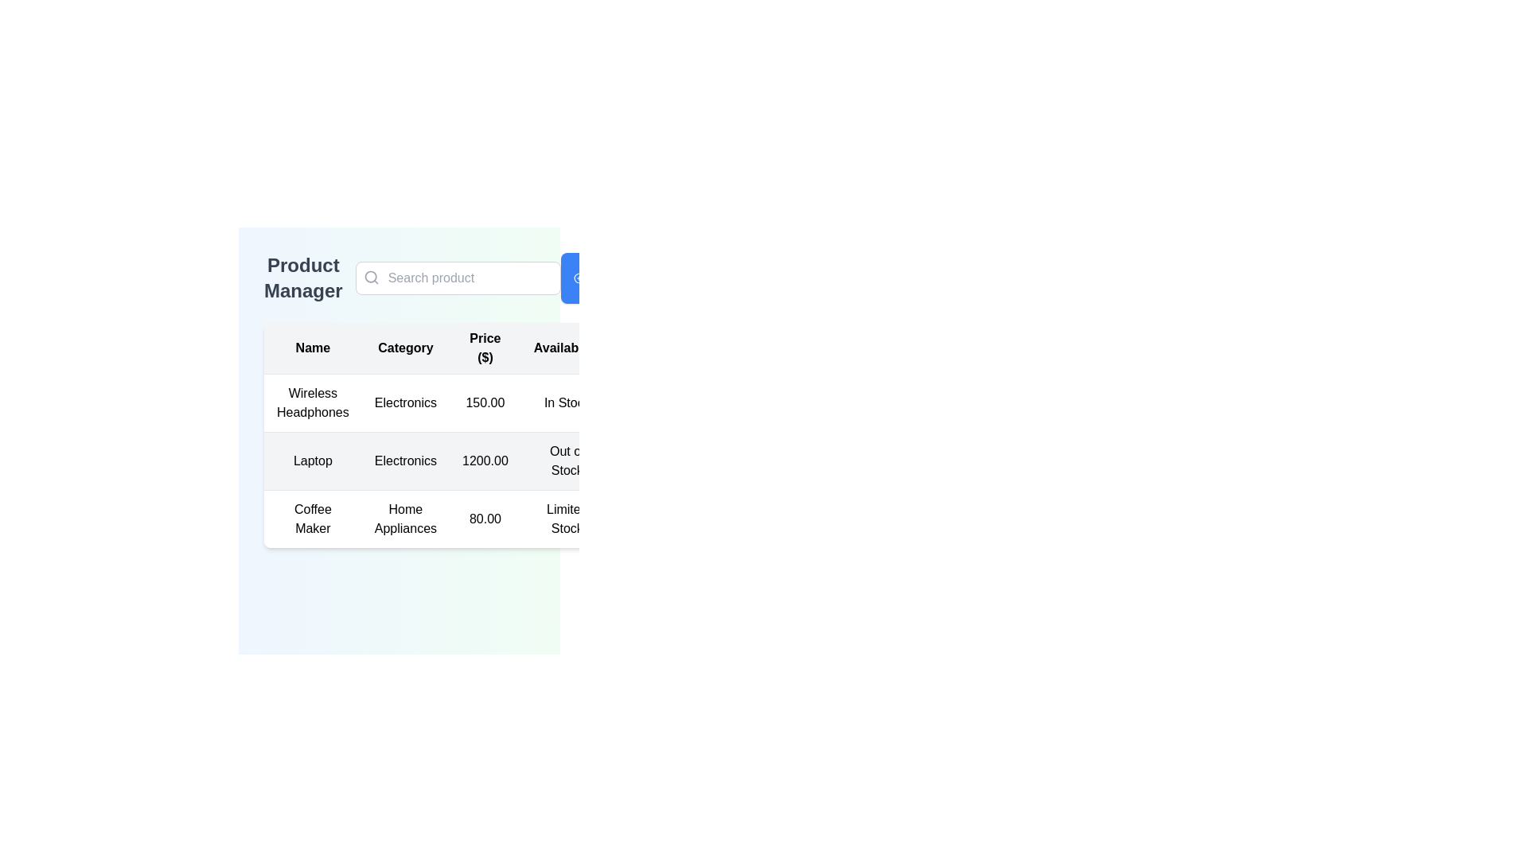  Describe the element at coordinates (484, 519) in the screenshot. I see `the static text displaying the price of the Coffee Maker` at that location.